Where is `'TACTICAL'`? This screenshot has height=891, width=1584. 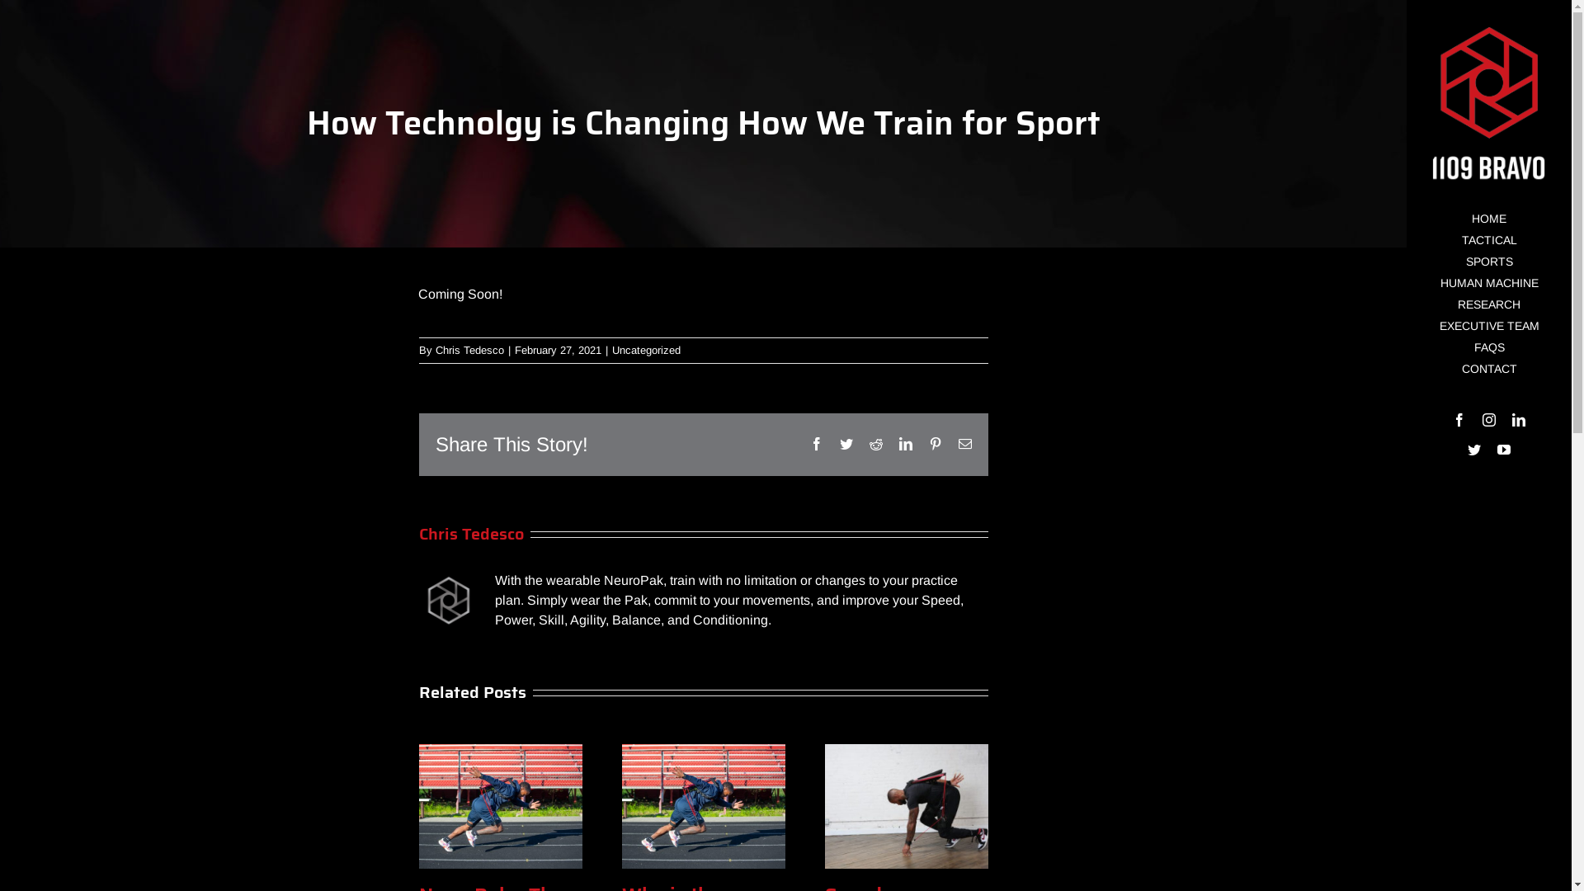 'TACTICAL' is located at coordinates (1488, 241).